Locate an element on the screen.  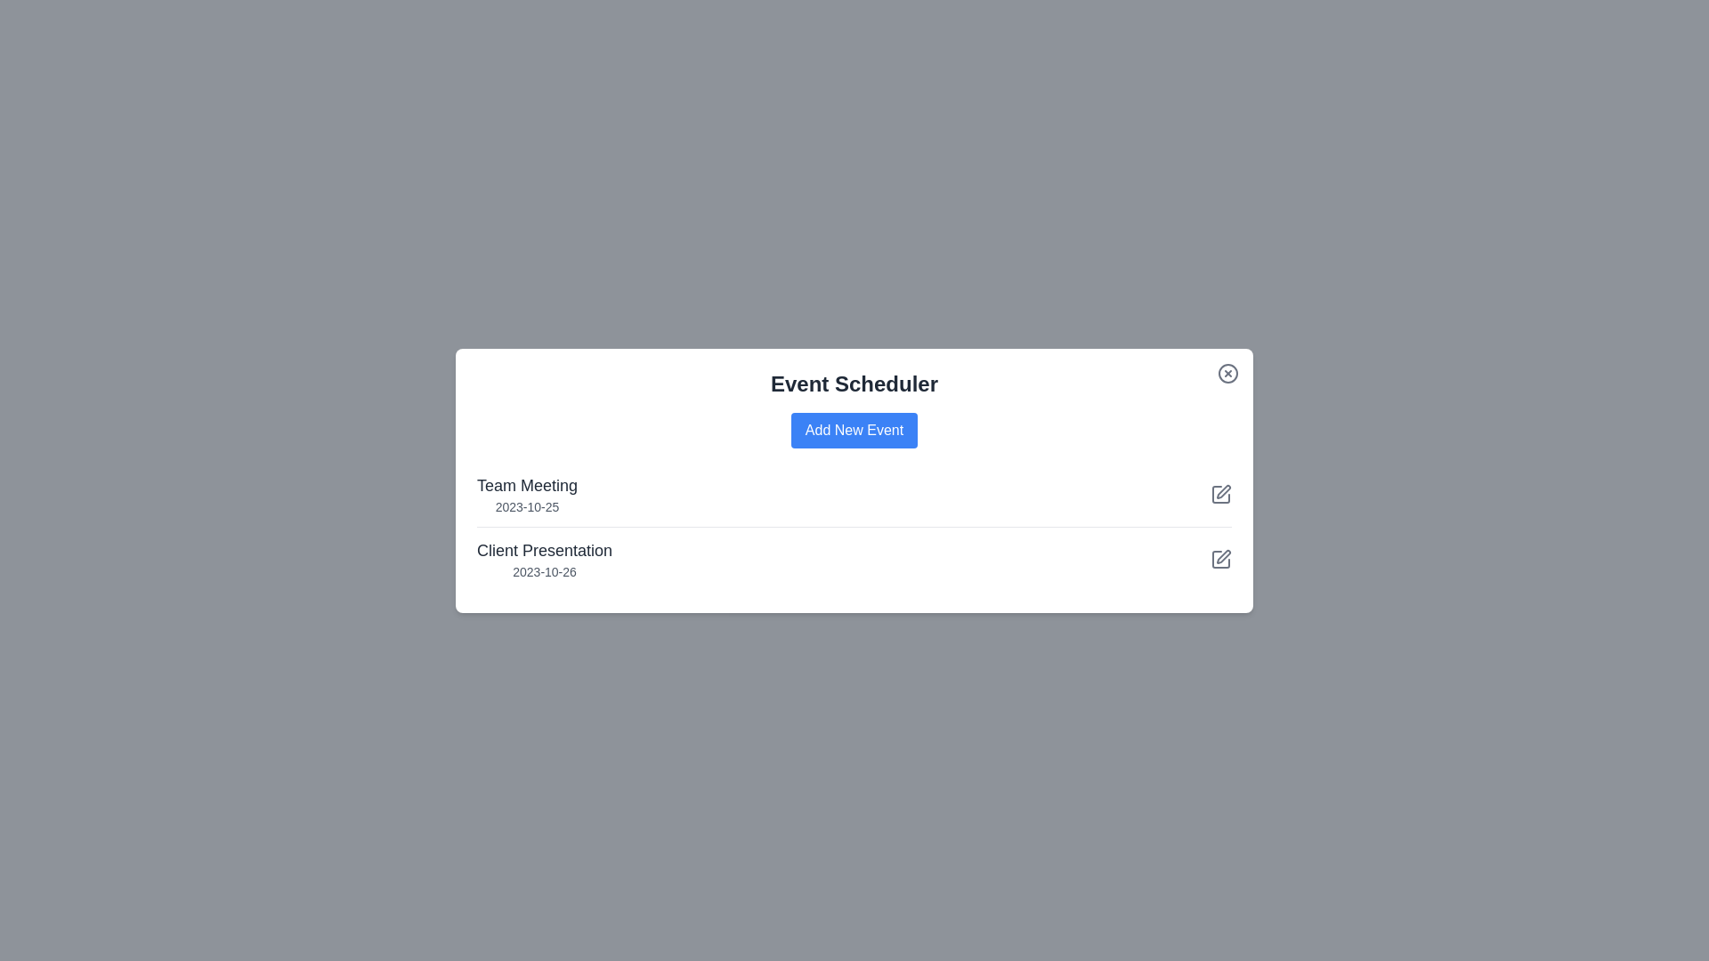
the edit button, which is a small gray pencil icon that turns green on hover, located at the far right end of the 'Client Presentation 2023-10-26' row adjacent to the date text is located at coordinates (1220, 558).